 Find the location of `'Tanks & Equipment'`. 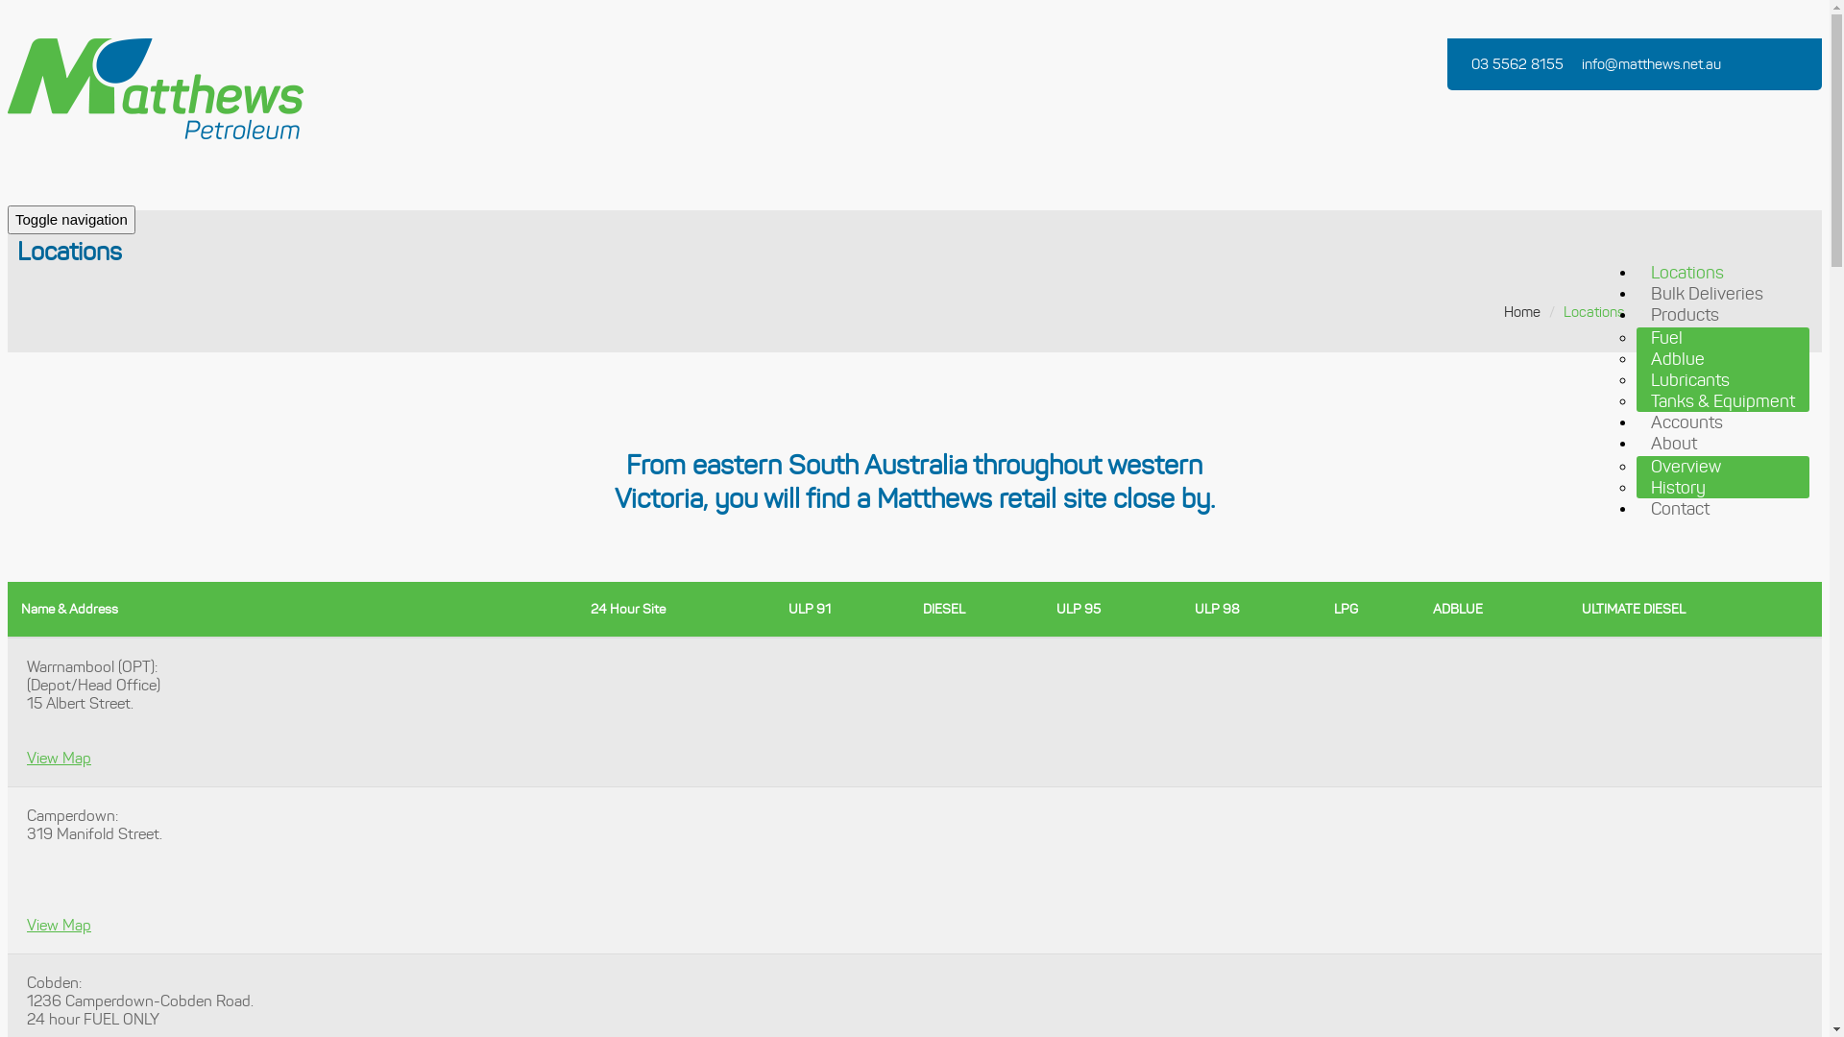

'Tanks & Equipment' is located at coordinates (1723, 399).